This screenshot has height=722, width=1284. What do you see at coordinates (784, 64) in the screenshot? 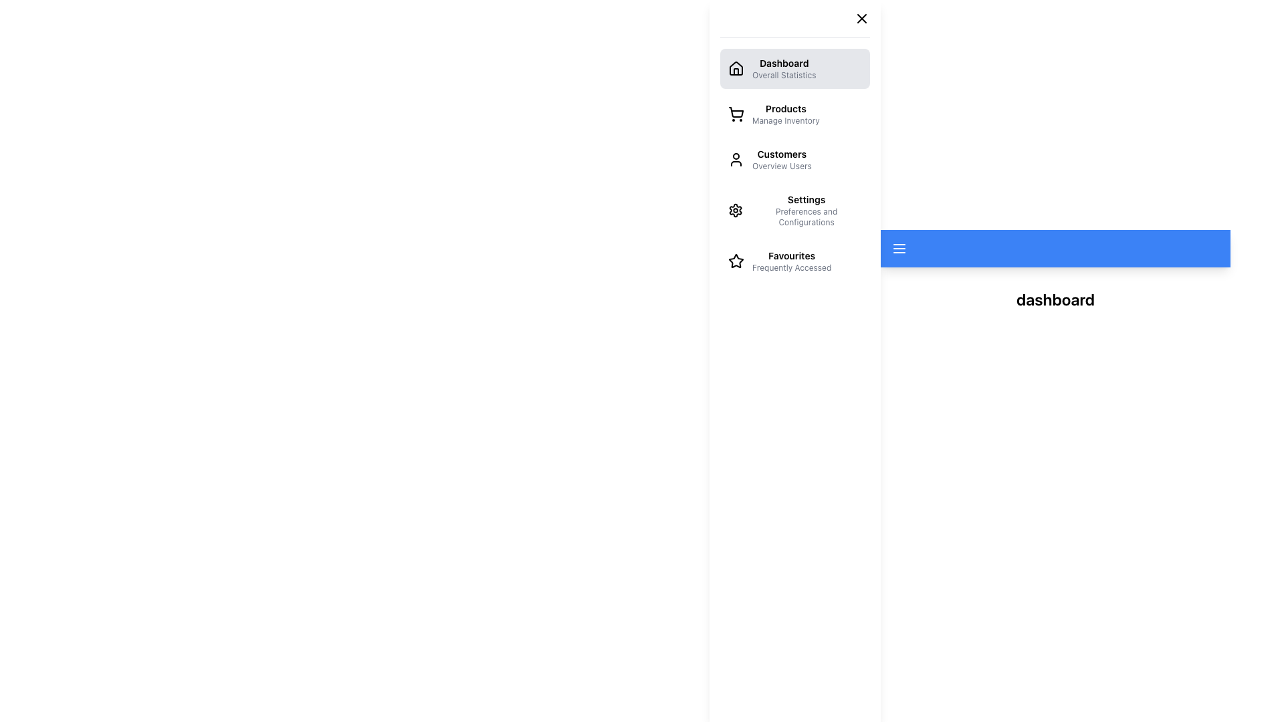
I see `the text label displaying 'Dashboard', which is styled in bold and located in the sidebar navigation menu above 'Overall Statistics'` at bounding box center [784, 64].